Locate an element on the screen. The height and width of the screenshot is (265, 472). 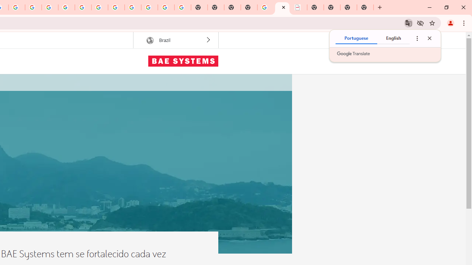
'BAE Systems Brasil | BAE Systems' is located at coordinates (282, 7).